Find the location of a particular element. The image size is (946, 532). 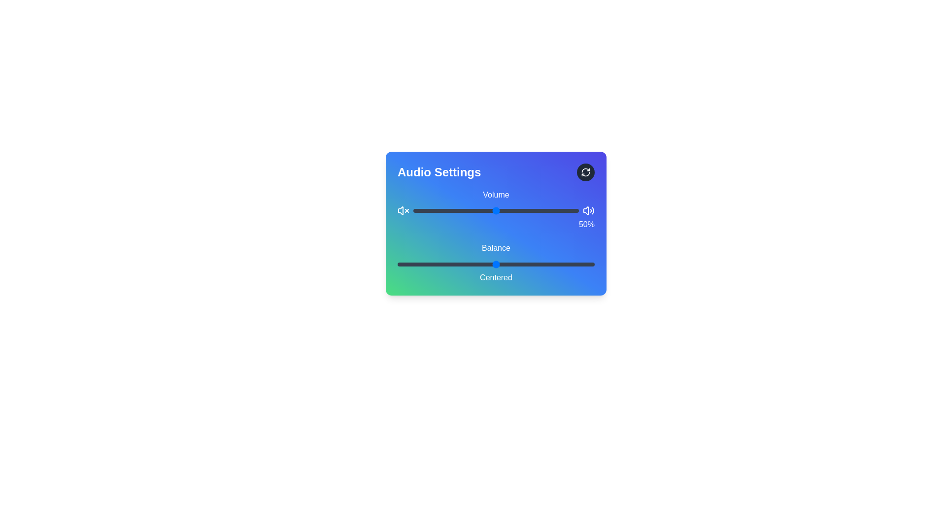

the balance is located at coordinates (435, 264).